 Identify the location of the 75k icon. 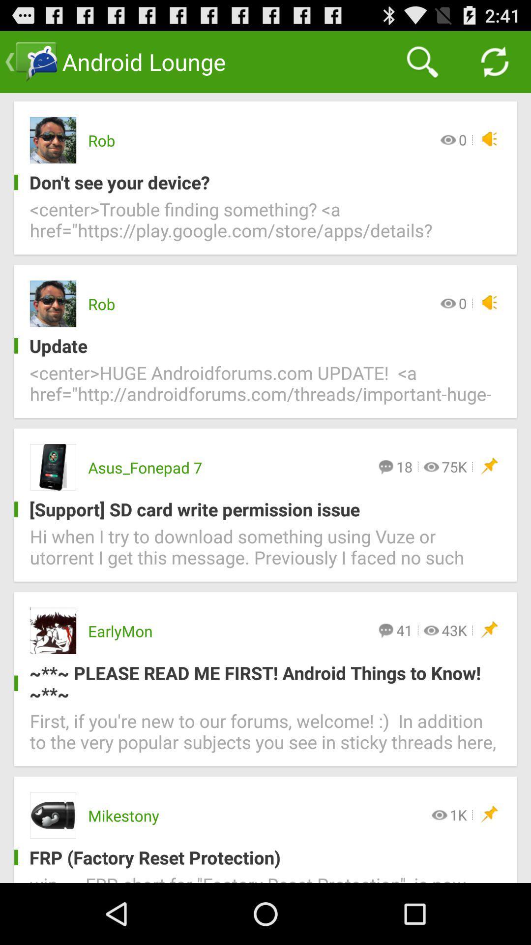
(454, 466).